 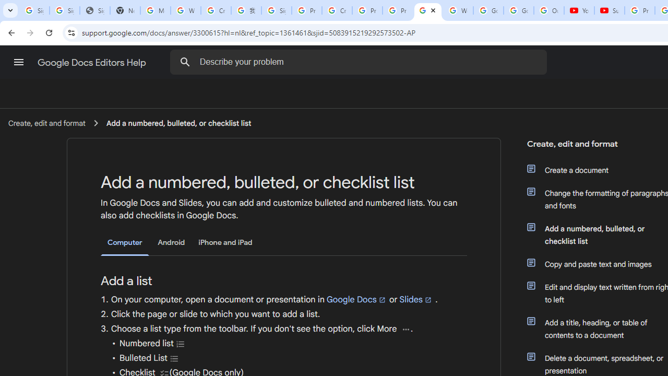 What do you see at coordinates (125, 243) in the screenshot?
I see `'Computer'` at bounding box center [125, 243].